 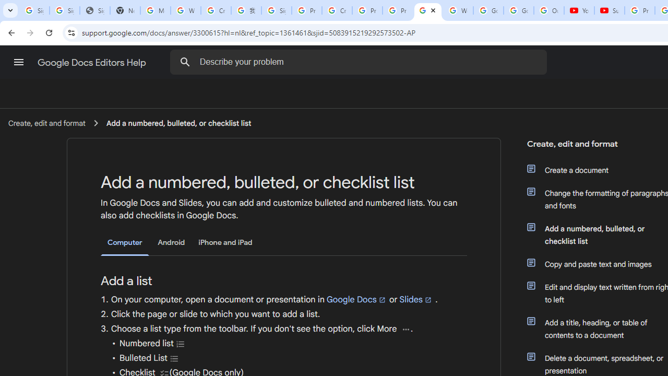 What do you see at coordinates (125, 243) in the screenshot?
I see `'Computer'` at bounding box center [125, 243].